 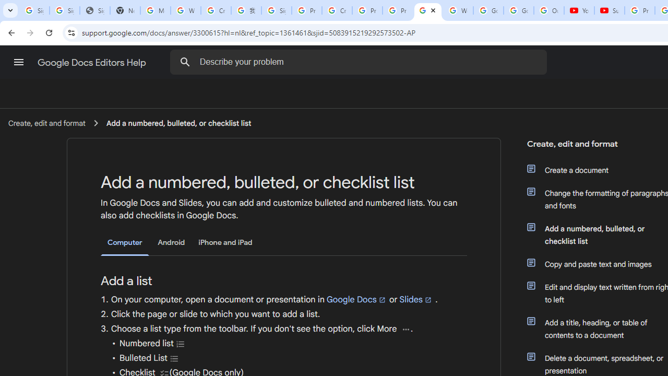 What do you see at coordinates (125, 243) in the screenshot?
I see `'Computer'` at bounding box center [125, 243].